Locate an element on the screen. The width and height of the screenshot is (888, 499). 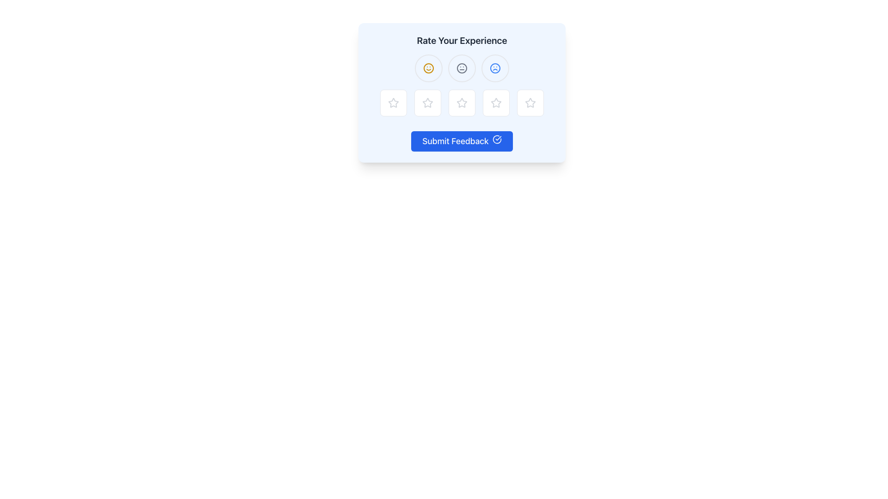
the third interactive rating button in the feedback survey is located at coordinates (462, 103).